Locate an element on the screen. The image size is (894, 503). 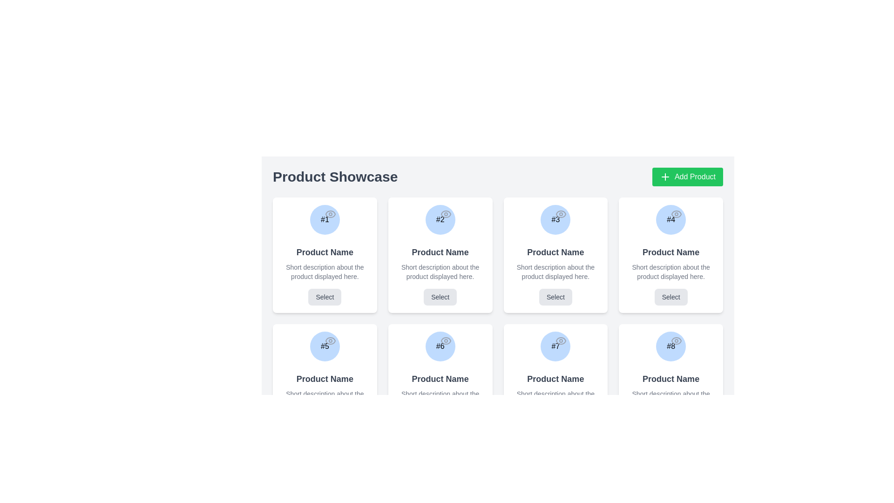
the eye symbol icon located at the top right corner of the card labeled '#3', which is positioned as an overlay in the blue circle is located at coordinates (561, 214).